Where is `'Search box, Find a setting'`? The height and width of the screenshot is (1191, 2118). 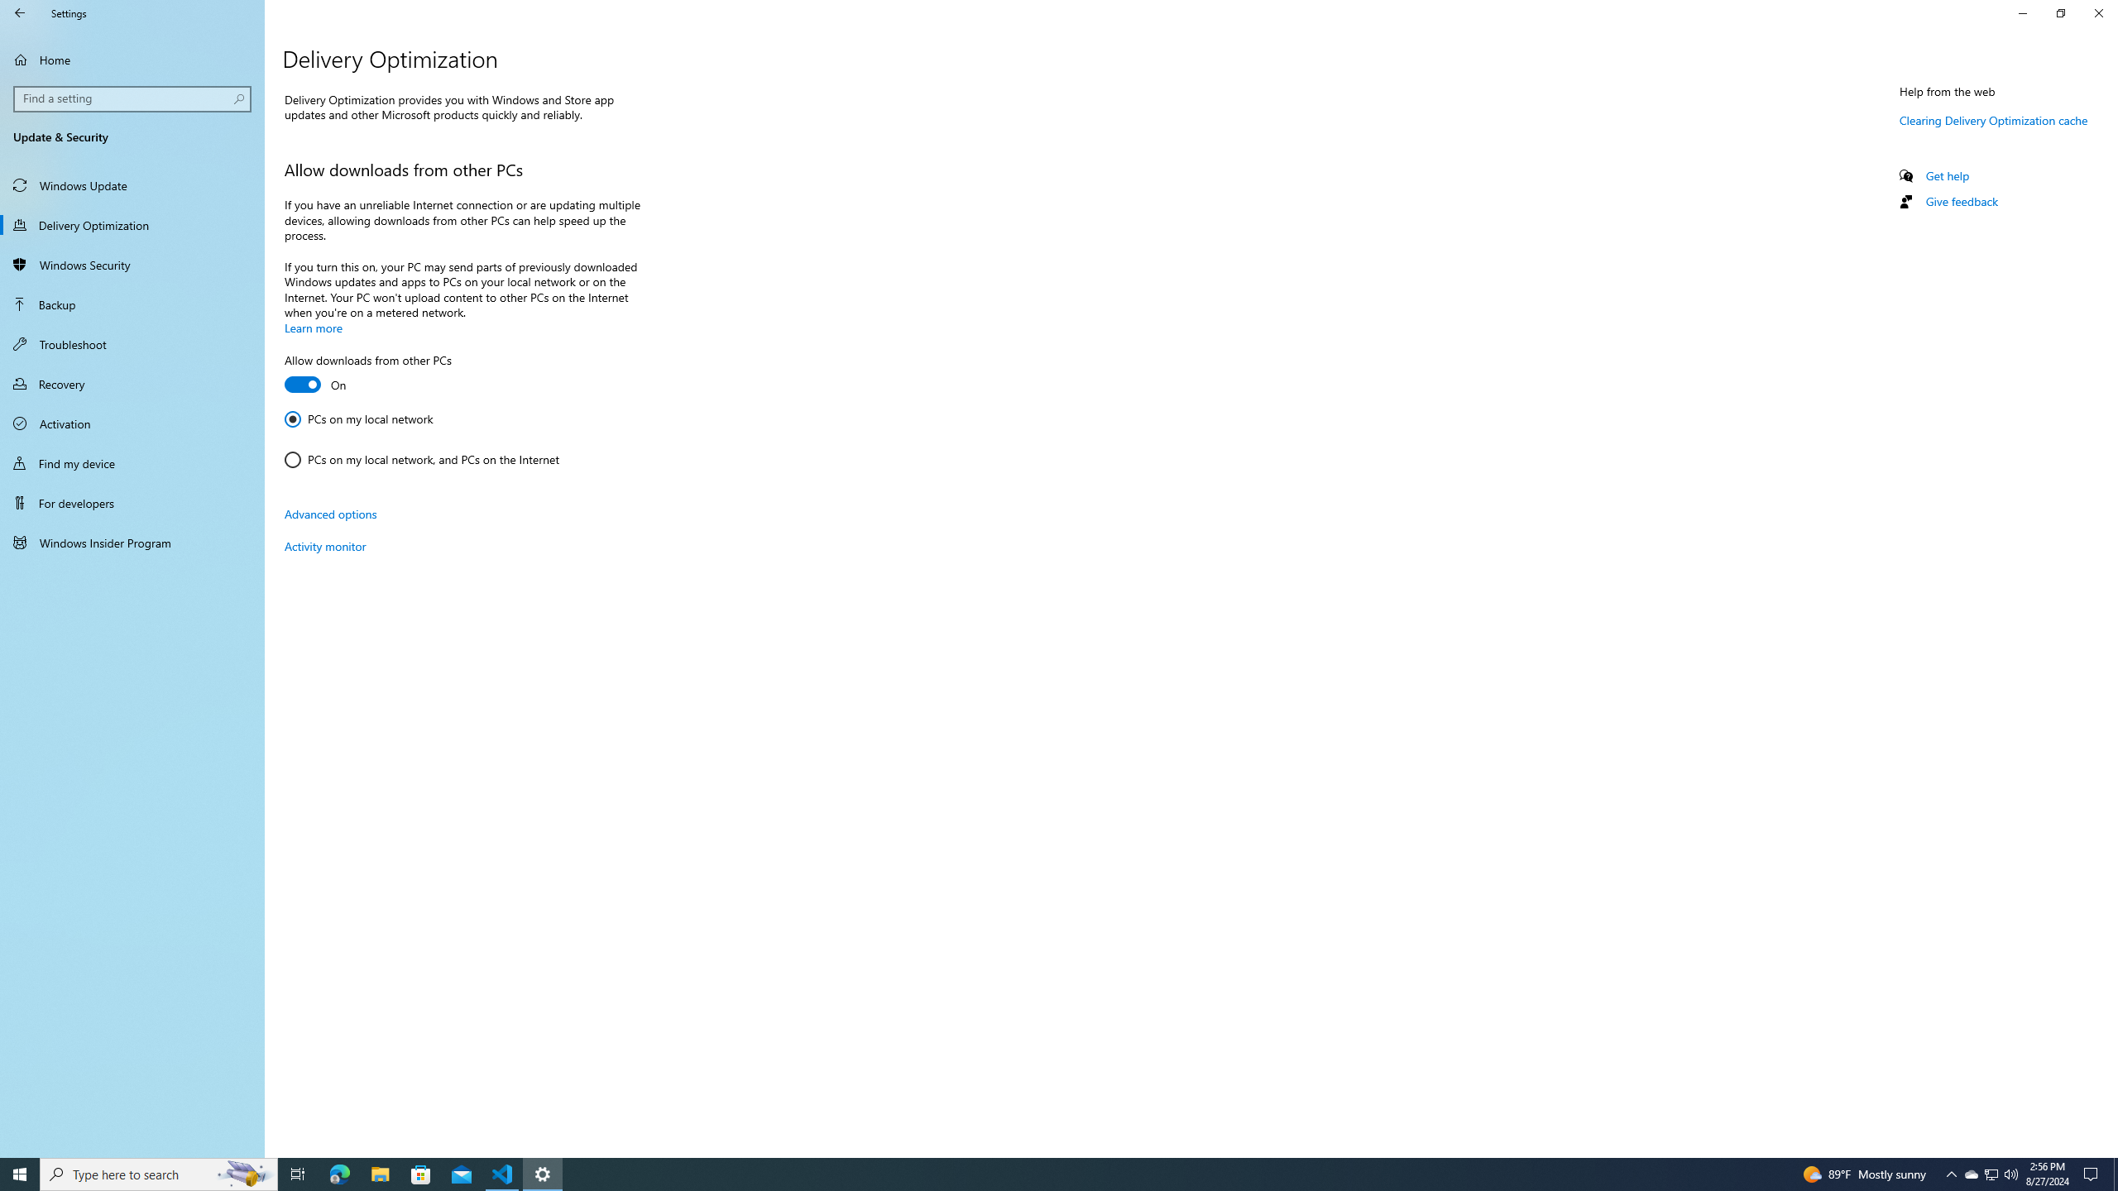 'Search box, Find a setting' is located at coordinates (132, 98).